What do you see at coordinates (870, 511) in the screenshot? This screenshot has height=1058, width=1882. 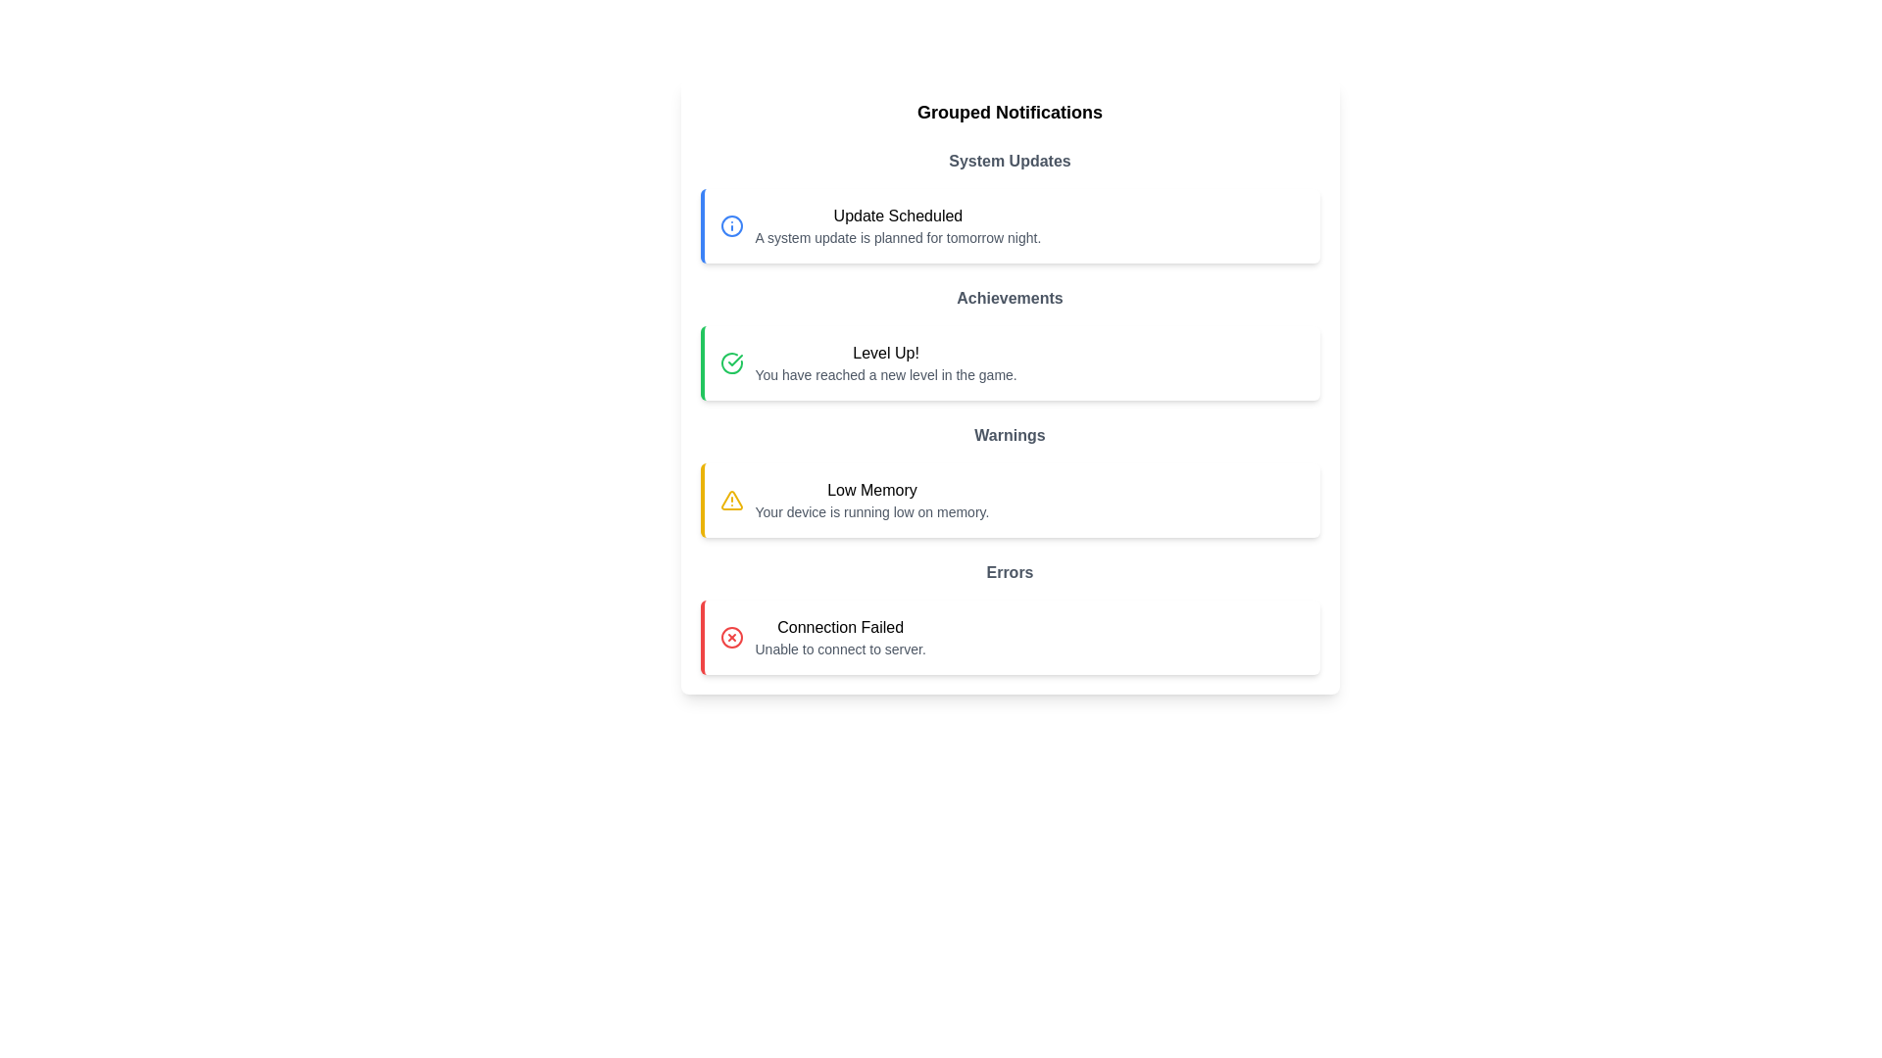 I see `the text label that provides additional details about the warning of low memory, located in the 'Warnings' section beneath the 'Low Memory' header` at bounding box center [870, 511].